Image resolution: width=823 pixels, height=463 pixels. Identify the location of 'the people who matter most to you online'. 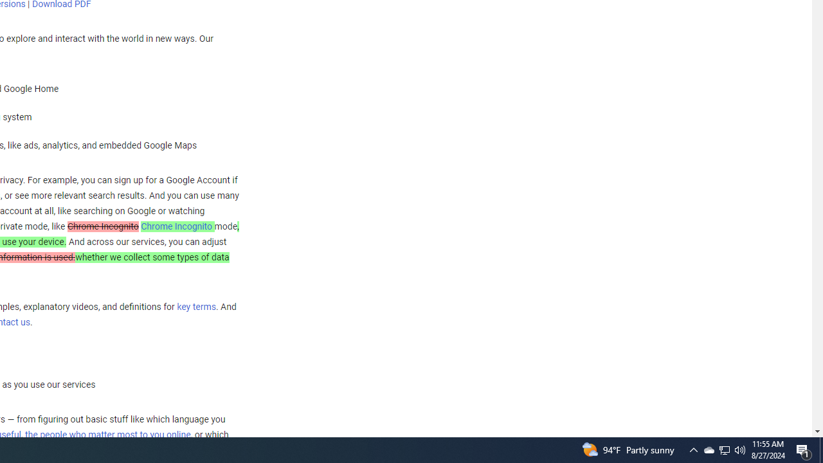
(107, 434).